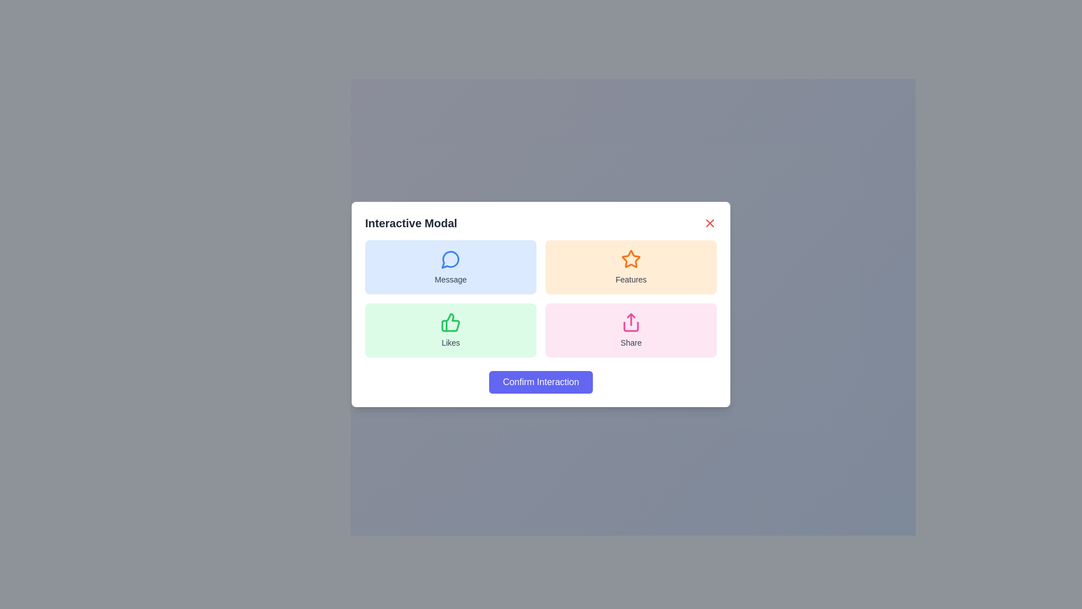  What do you see at coordinates (630, 330) in the screenshot?
I see `the sharing button located in the bottom-right slot of a 2x2 grid layout within the modal dialog` at bounding box center [630, 330].